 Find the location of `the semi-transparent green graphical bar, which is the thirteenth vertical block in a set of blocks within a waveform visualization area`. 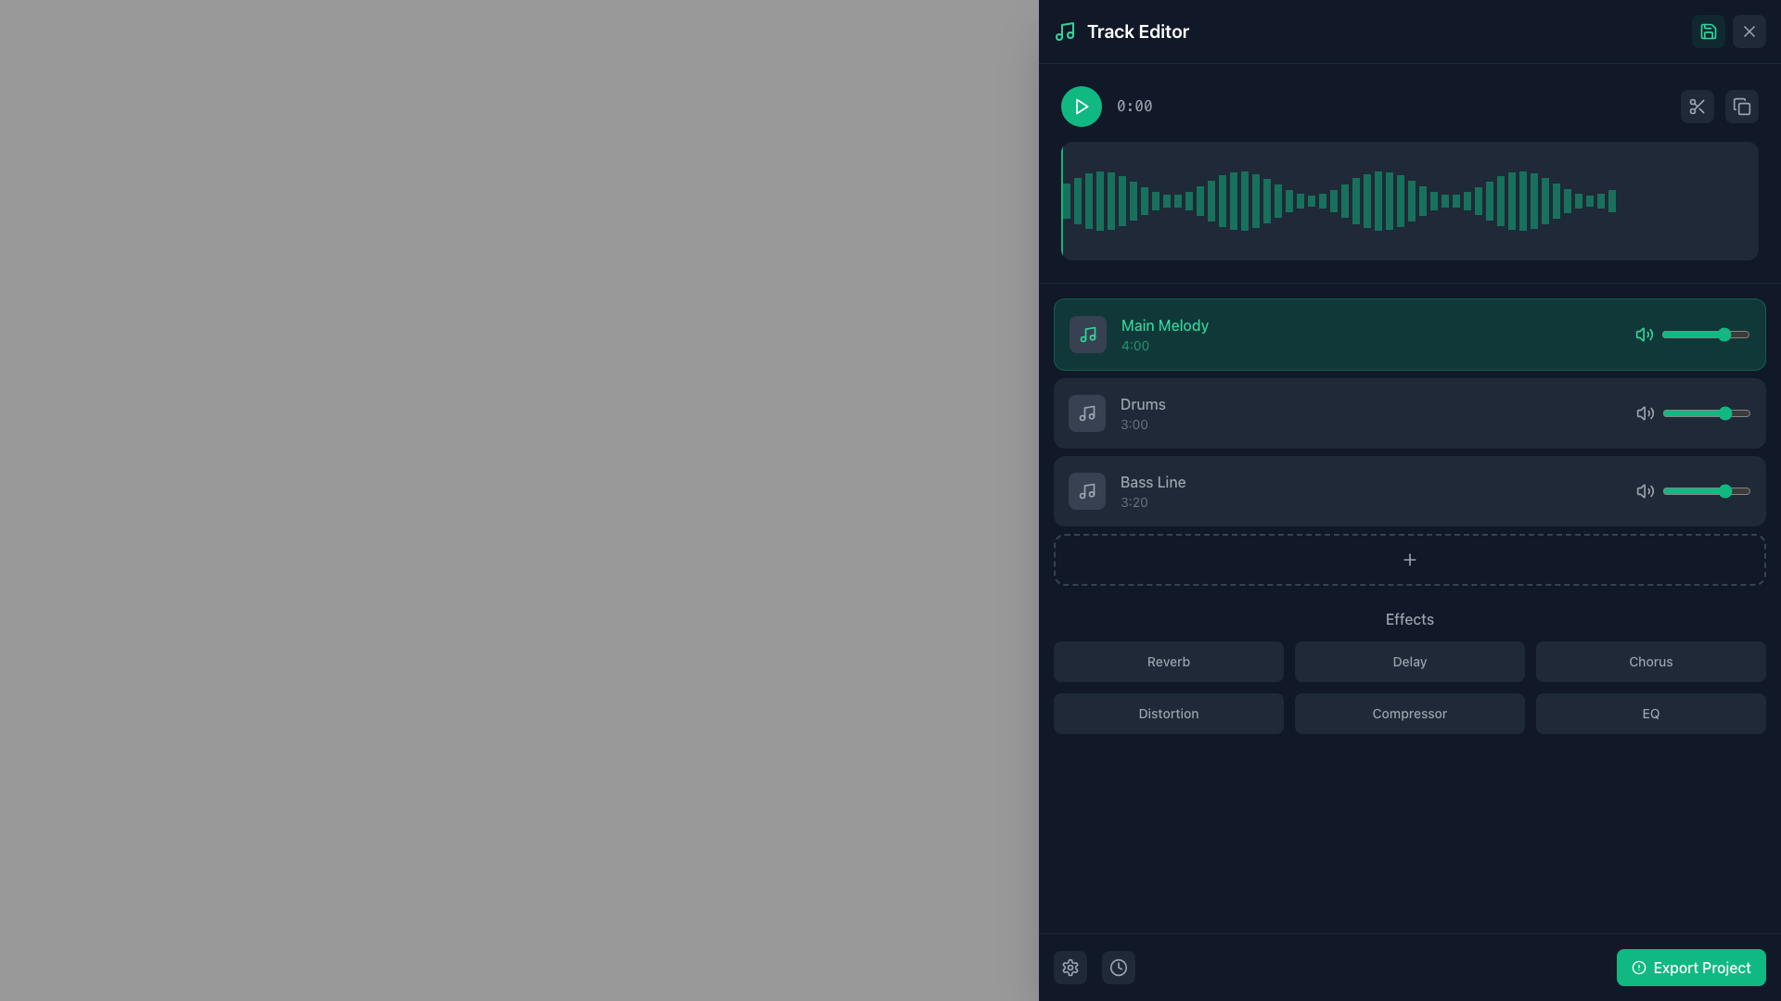

the semi-transparent green graphical bar, which is the thirteenth vertical block in a set of blocks within a waveform visualization area is located at coordinates (1200, 200).